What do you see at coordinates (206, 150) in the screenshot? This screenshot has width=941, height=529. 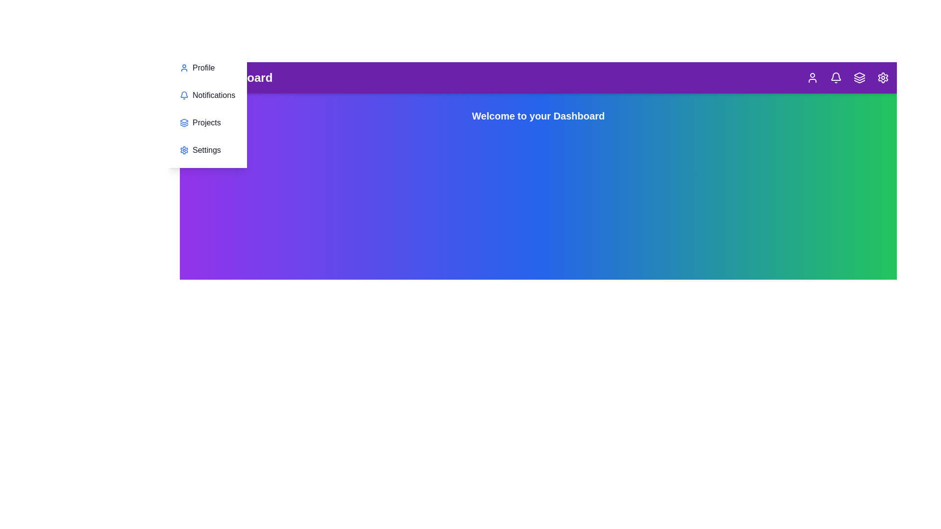 I see `the menu item Settings in the sidebar` at bounding box center [206, 150].